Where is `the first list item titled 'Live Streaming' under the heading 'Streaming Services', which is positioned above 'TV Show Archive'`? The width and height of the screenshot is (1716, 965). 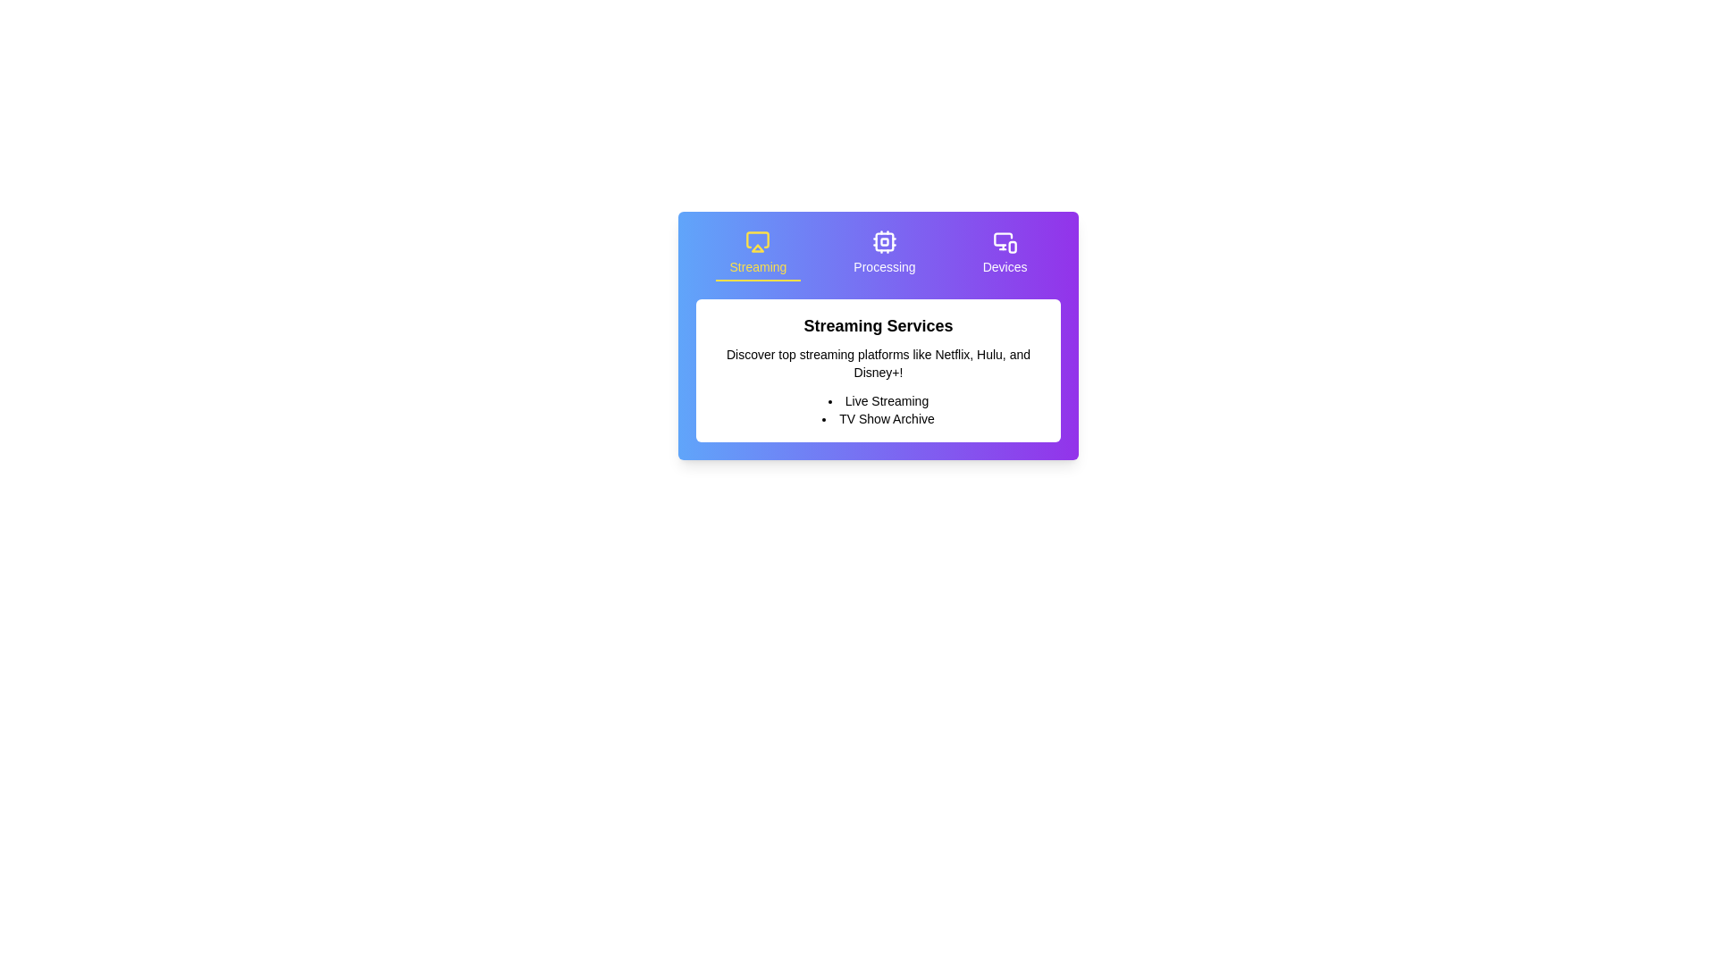
the first list item titled 'Live Streaming' under the heading 'Streaming Services', which is positioned above 'TV Show Archive' is located at coordinates (879, 399).